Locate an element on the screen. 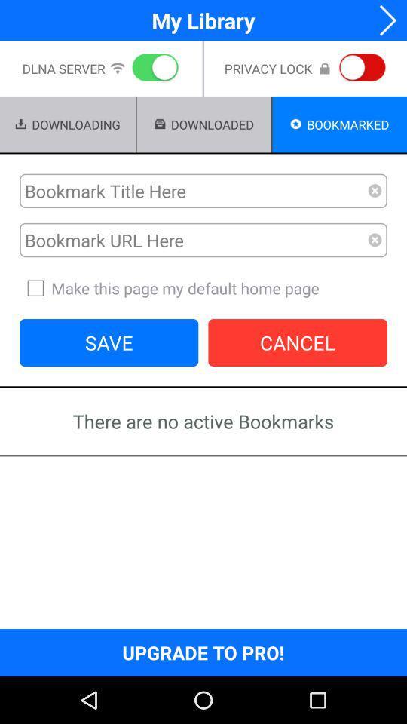 This screenshot has height=724, width=407. bookmark url here is located at coordinates (194, 240).